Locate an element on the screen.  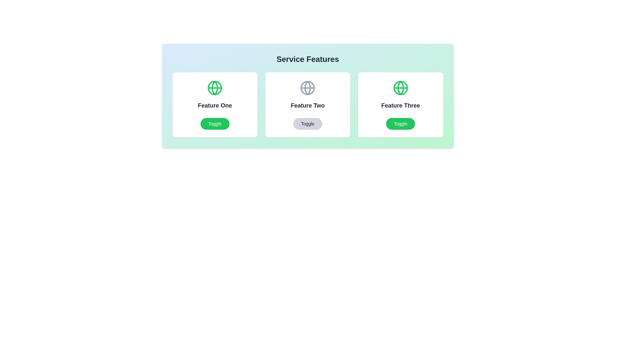
the 'Toggle' button for Feature One is located at coordinates (215, 124).